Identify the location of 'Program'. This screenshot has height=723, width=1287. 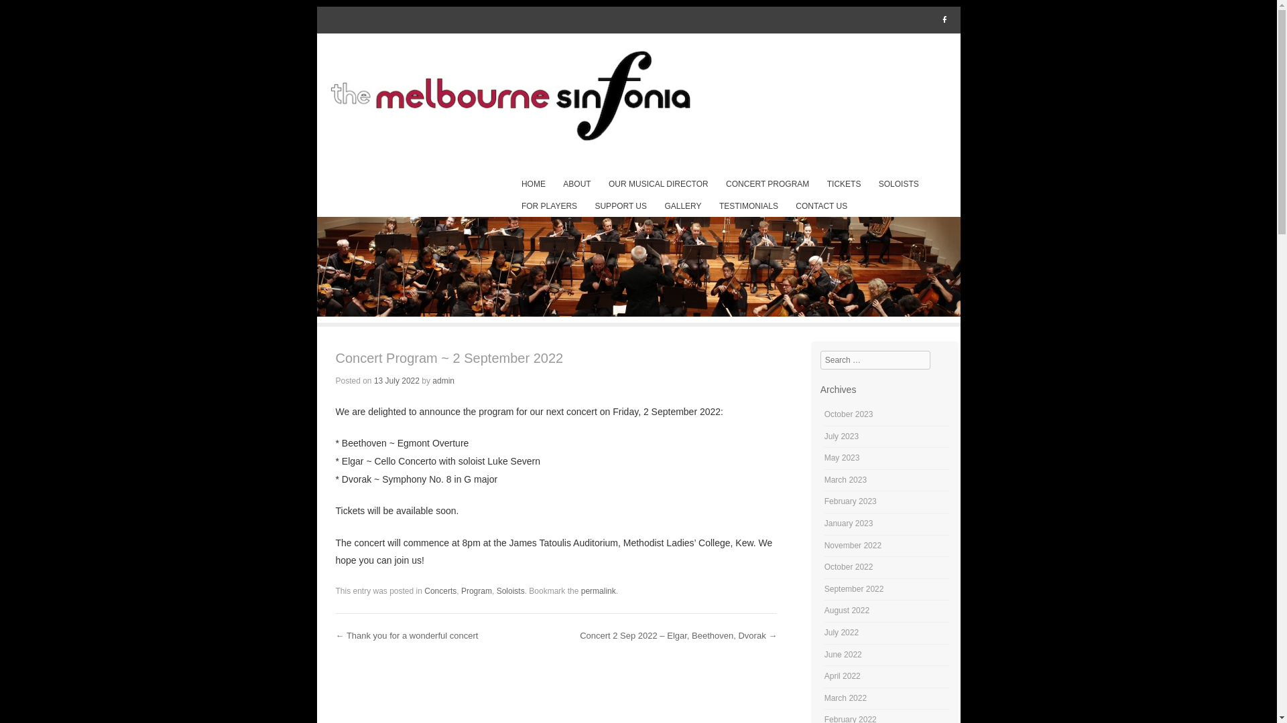
(476, 590).